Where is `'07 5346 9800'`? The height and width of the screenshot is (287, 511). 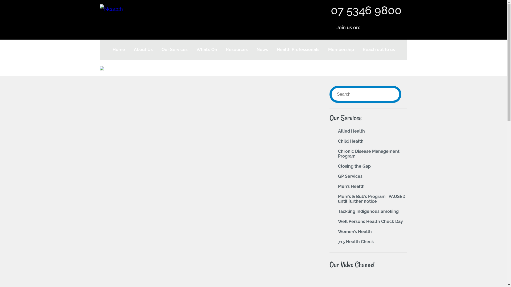
'07 5346 9800' is located at coordinates (366, 10).